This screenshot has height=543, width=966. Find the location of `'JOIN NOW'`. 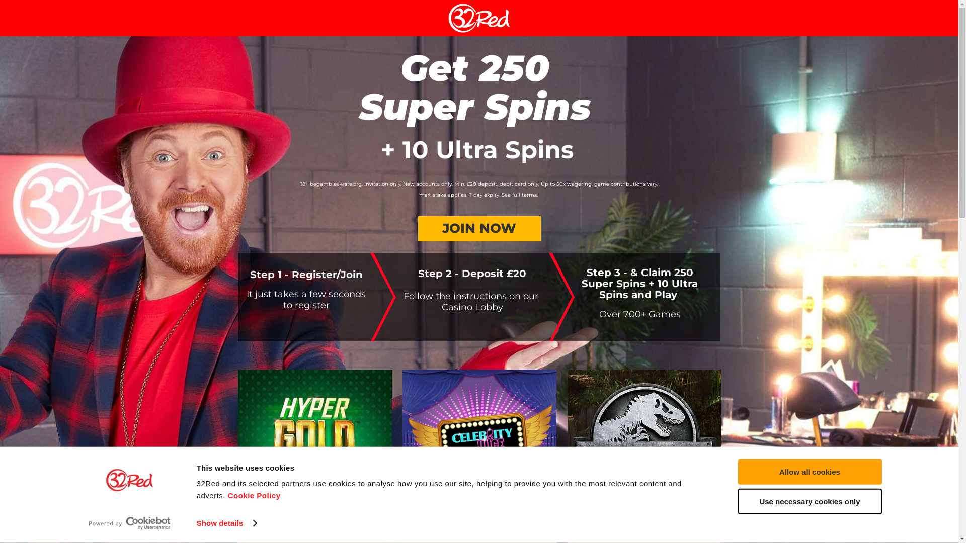

'JOIN NOW' is located at coordinates (478, 229).